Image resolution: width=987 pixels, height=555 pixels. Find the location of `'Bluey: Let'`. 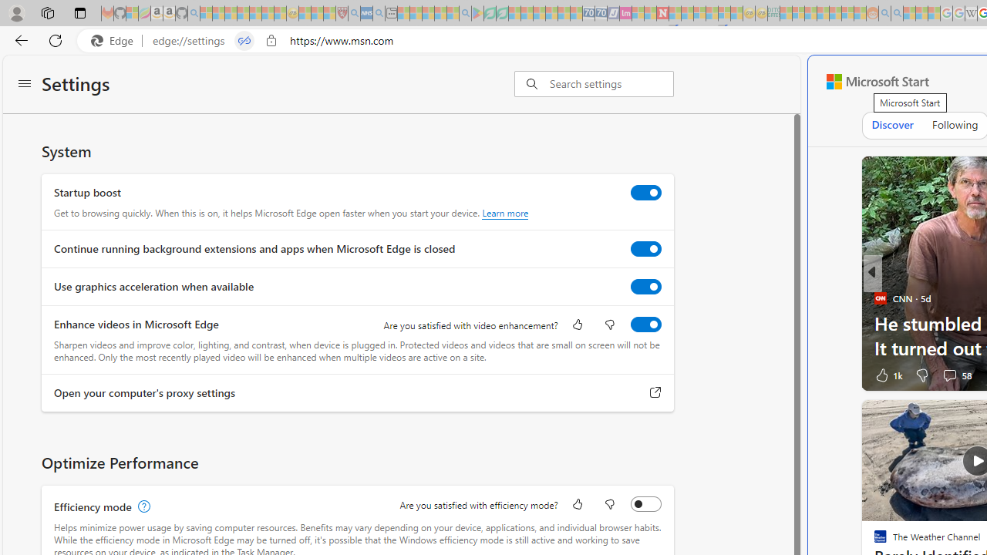

'Bluey: Let' is located at coordinates (477, 13).